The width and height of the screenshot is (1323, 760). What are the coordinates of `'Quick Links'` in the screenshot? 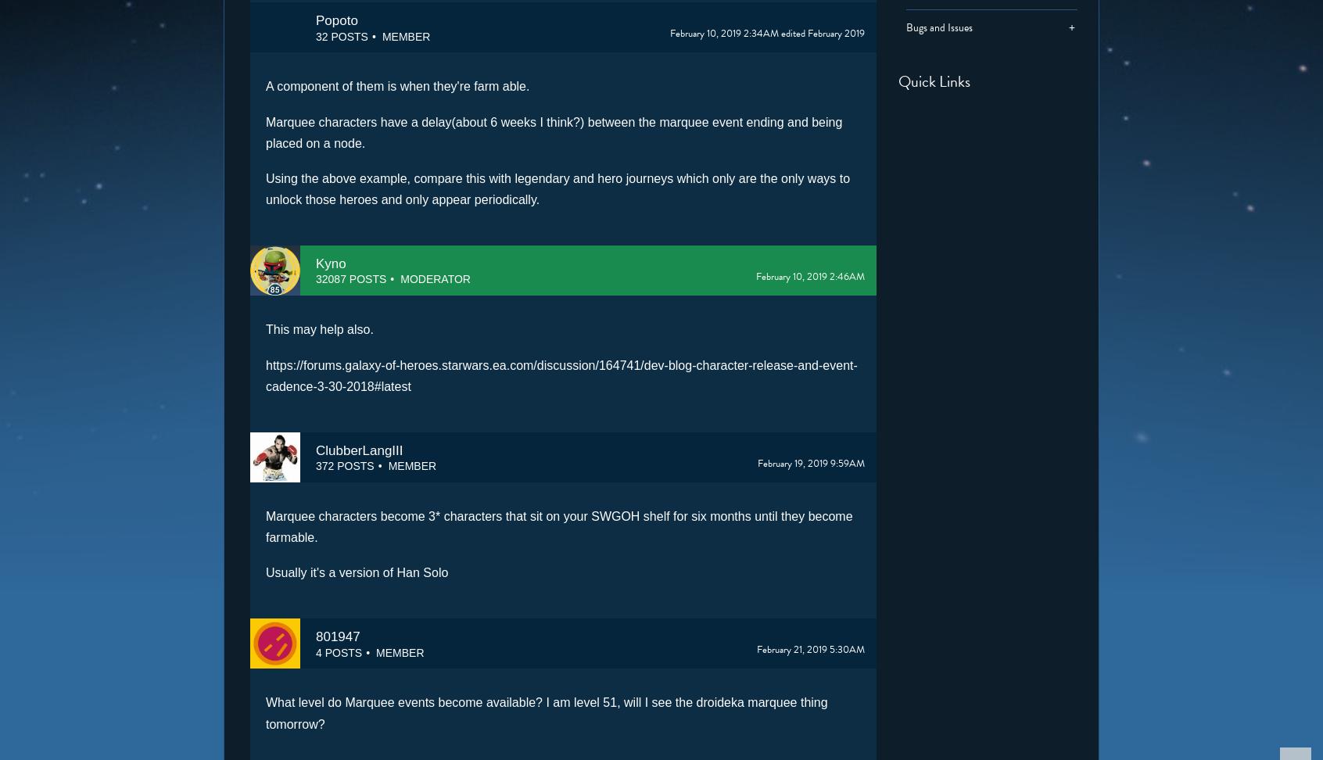 It's located at (933, 80).